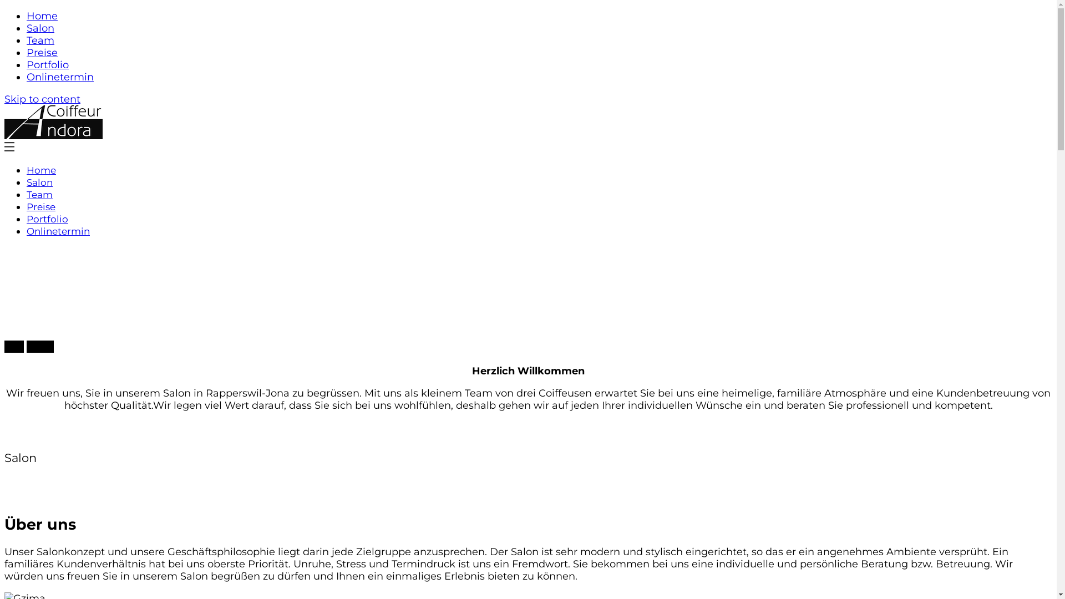 The width and height of the screenshot is (1065, 599). What do you see at coordinates (27, 207) in the screenshot?
I see `'Preise'` at bounding box center [27, 207].